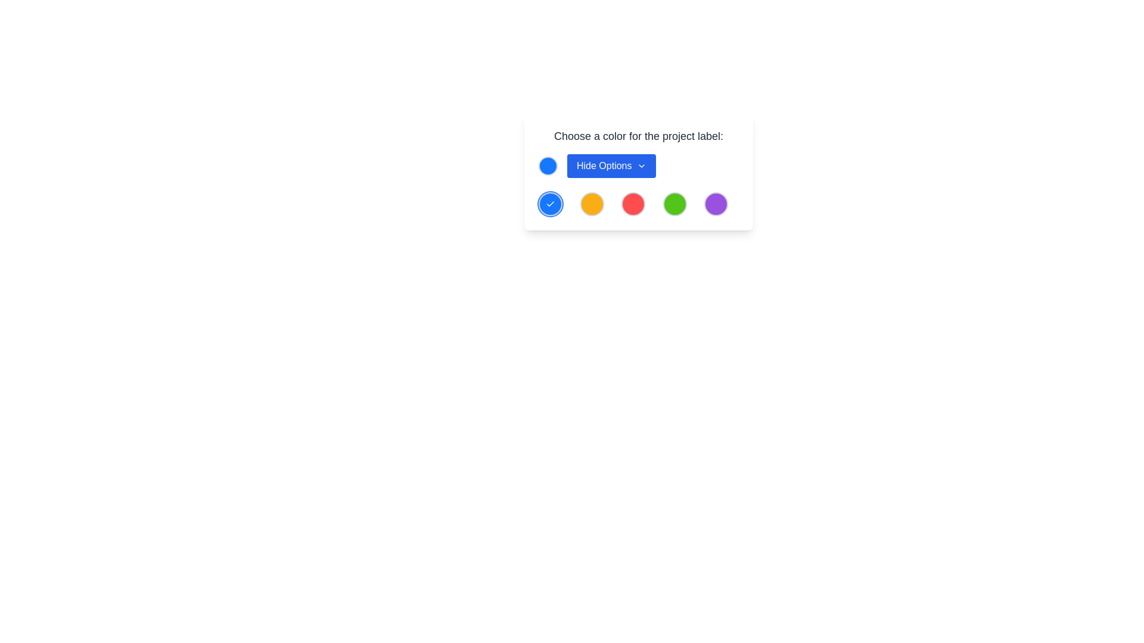 This screenshot has width=1144, height=643. I want to click on the blue rectangular 'Hide Options' button with rounded corners for keyboard interaction, so click(611, 166).